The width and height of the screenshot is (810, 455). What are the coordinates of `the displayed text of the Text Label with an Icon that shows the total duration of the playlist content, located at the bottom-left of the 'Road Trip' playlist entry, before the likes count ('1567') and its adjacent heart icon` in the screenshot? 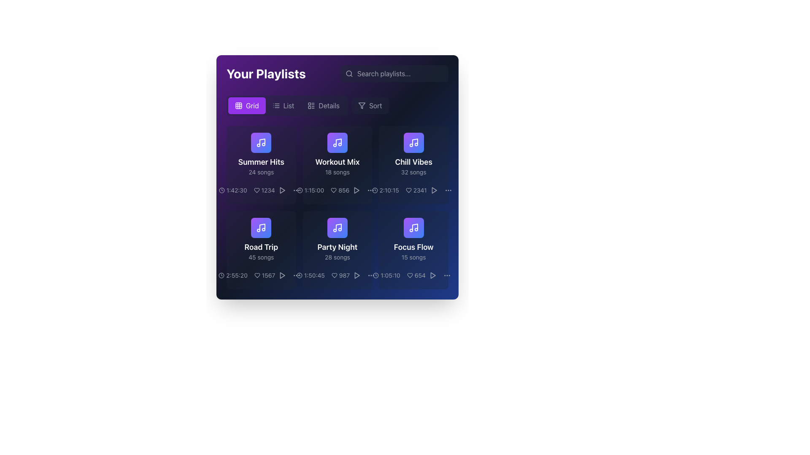 It's located at (233, 276).